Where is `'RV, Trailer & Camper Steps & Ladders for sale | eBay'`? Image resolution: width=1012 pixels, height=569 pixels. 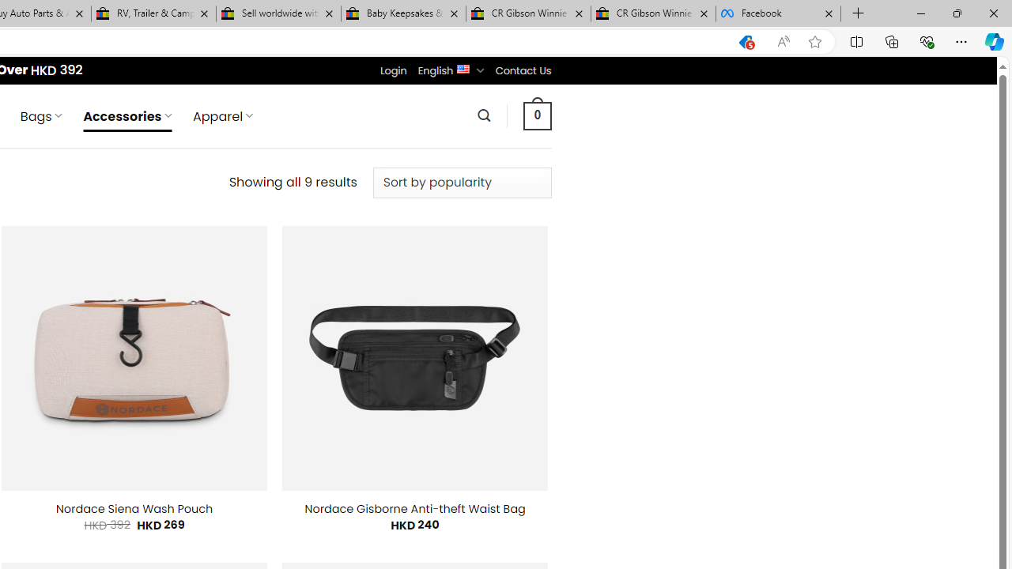 'RV, Trailer & Camper Steps & Ladders for sale | eBay' is located at coordinates (153, 13).